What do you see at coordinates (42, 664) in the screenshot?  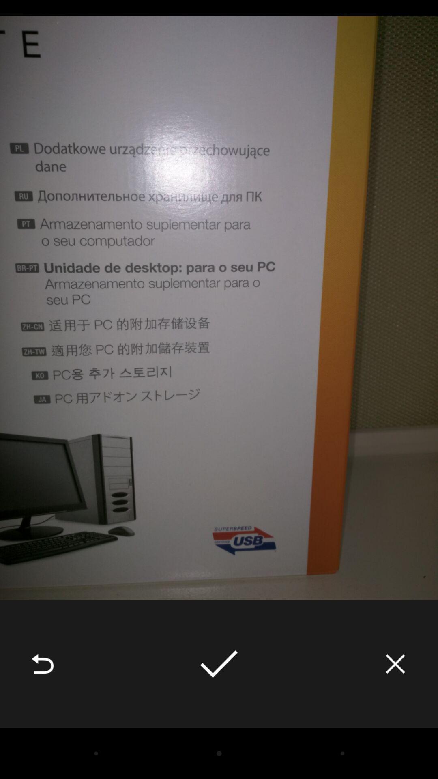 I see `icon at the bottom left corner` at bounding box center [42, 664].